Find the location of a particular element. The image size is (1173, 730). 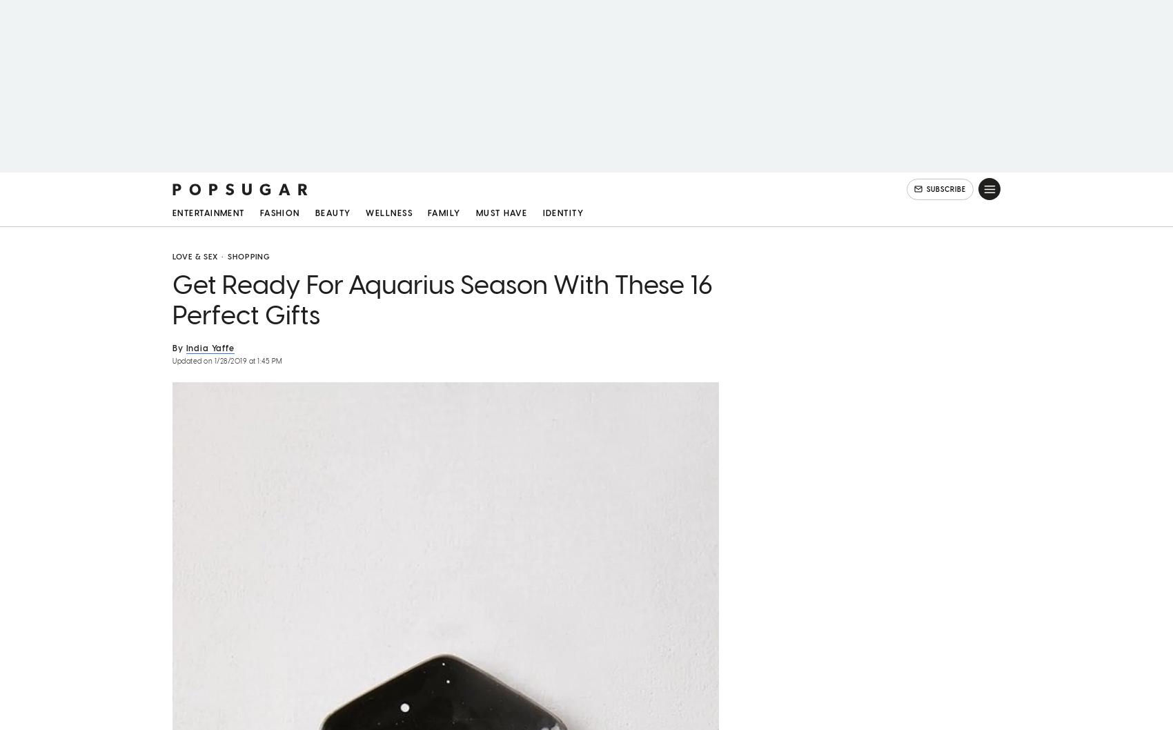

'Shopping' is located at coordinates (248, 261).